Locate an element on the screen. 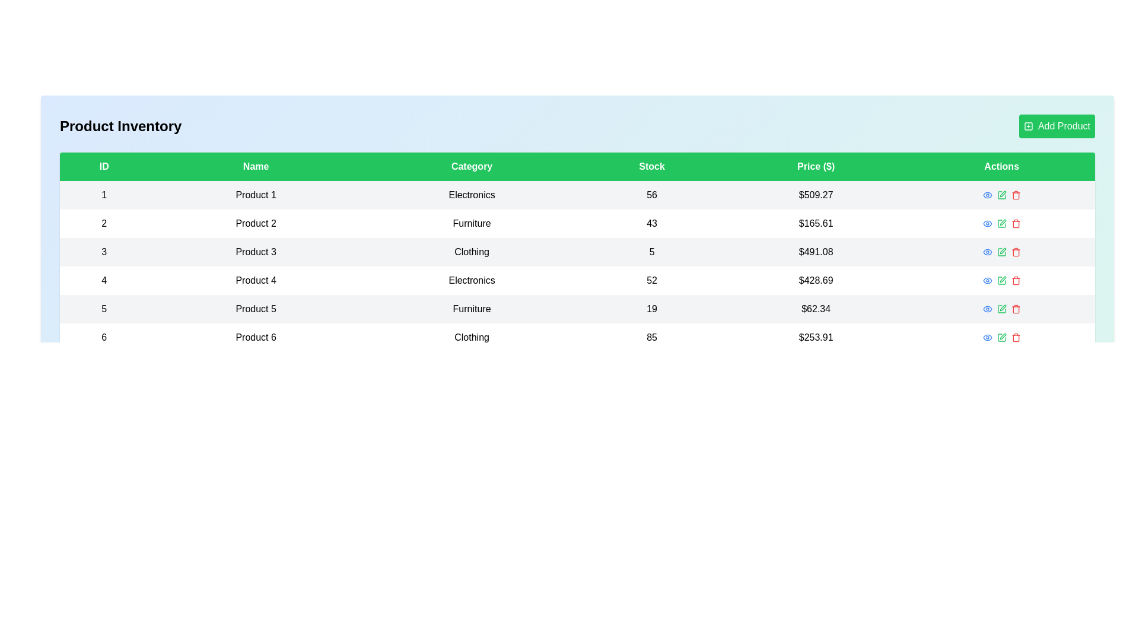  the column header to sort the table by ID is located at coordinates (104, 167).